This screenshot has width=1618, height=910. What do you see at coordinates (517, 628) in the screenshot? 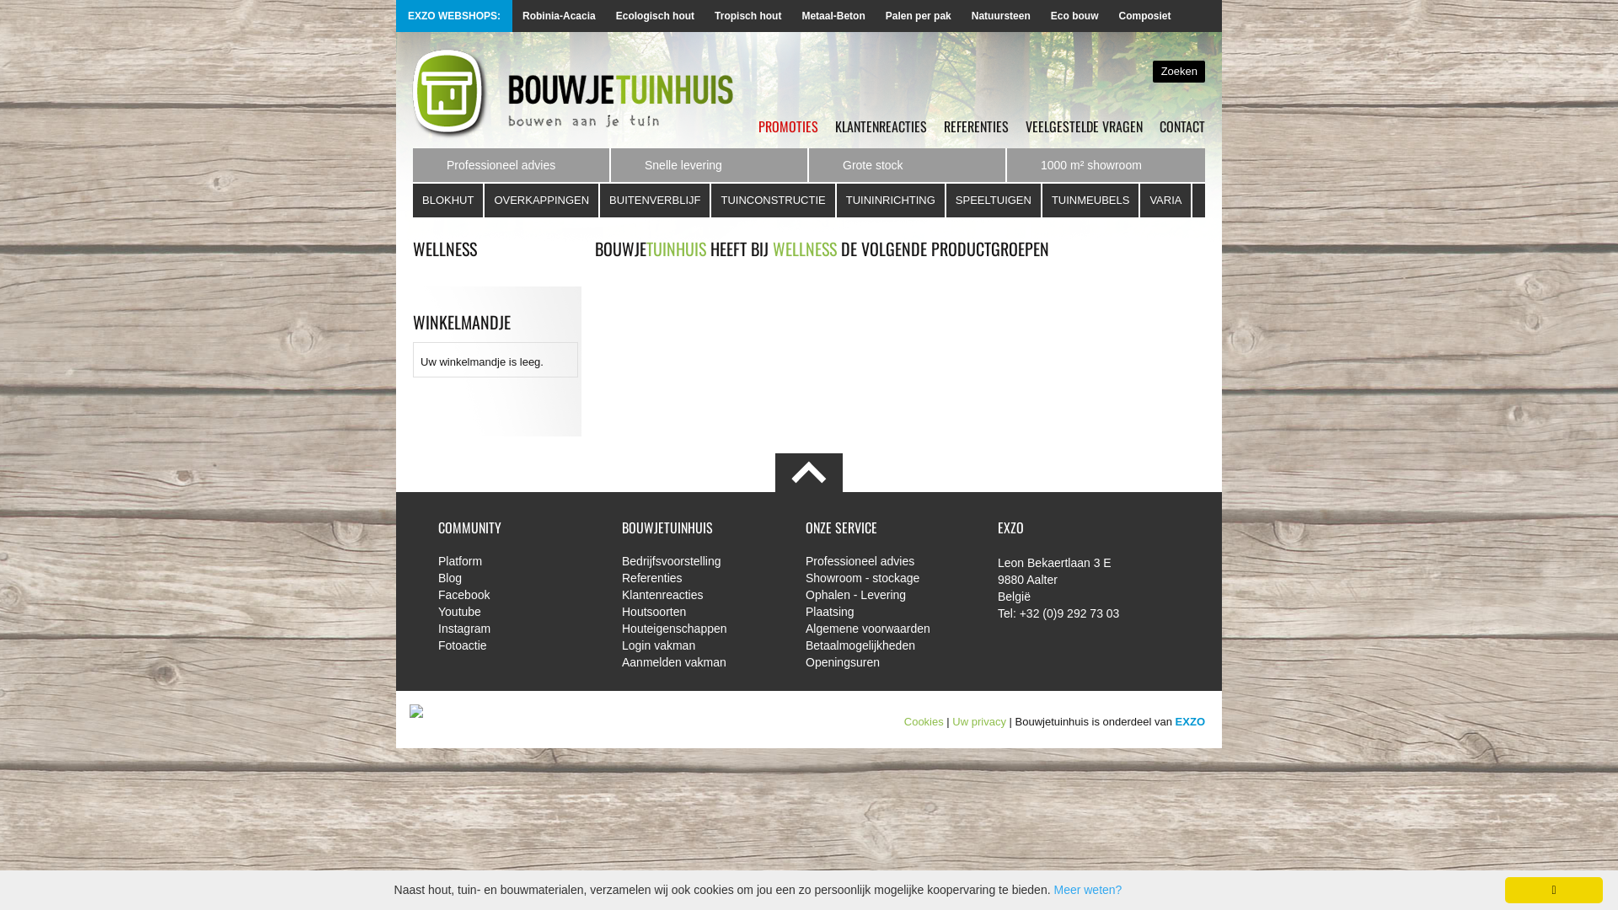
I see `'Instagram'` at bounding box center [517, 628].